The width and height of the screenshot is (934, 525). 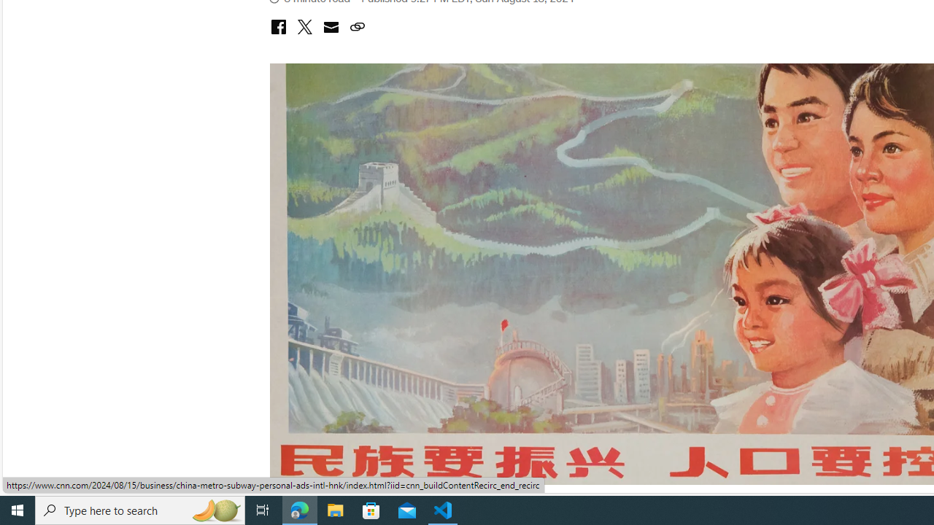 What do you see at coordinates (357, 28) in the screenshot?
I see `'copy link to clipboard'` at bounding box center [357, 28].